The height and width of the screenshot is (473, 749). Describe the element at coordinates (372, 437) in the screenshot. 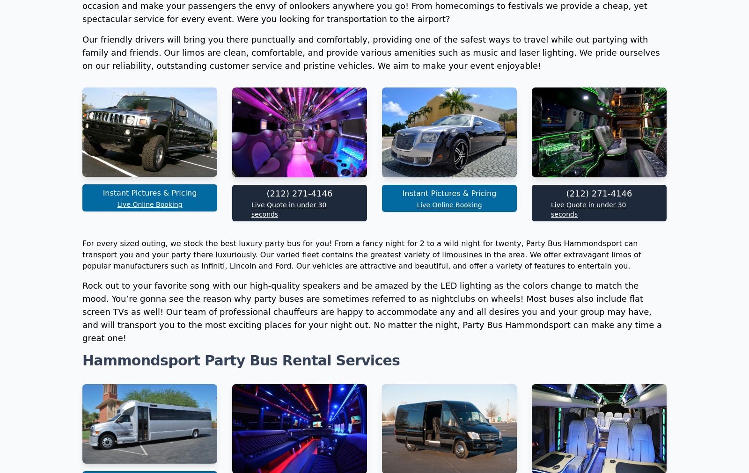

I see `'Rock out to your favorite song with our high-quality speakers and be amazed by the LED lighting as the colors change to match the mood. You’re gonna see the reason why party buses are sometimes referred to as nightclubs on wheels! Most buses also include flat screen TVs as well! Our team of professional chauffeurs are happy to accommodate any and all desires you and your group may have, and will transport you to the most exciting places for your night out. No matter the night, Party Bus Hammondsport can make any time a great one!'` at that location.